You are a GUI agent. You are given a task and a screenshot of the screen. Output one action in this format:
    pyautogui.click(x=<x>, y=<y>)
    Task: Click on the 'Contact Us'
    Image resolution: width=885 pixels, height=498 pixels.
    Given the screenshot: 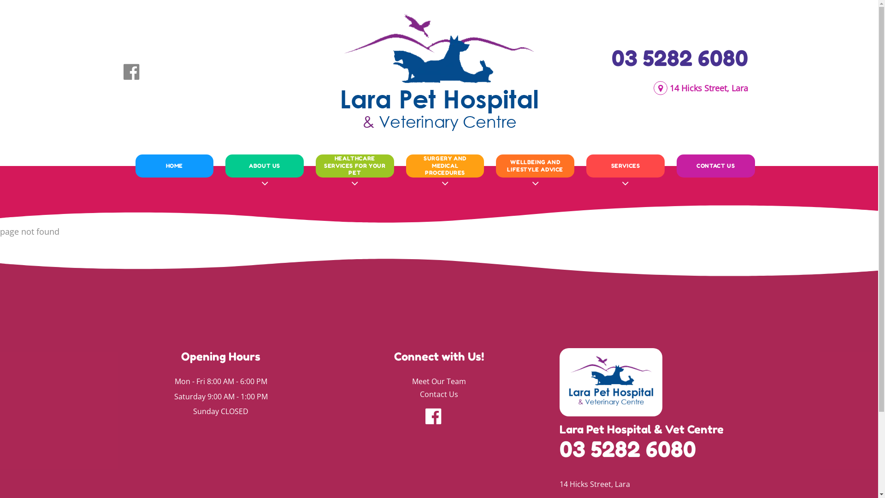 What is the action you would take?
    pyautogui.click(x=438, y=394)
    